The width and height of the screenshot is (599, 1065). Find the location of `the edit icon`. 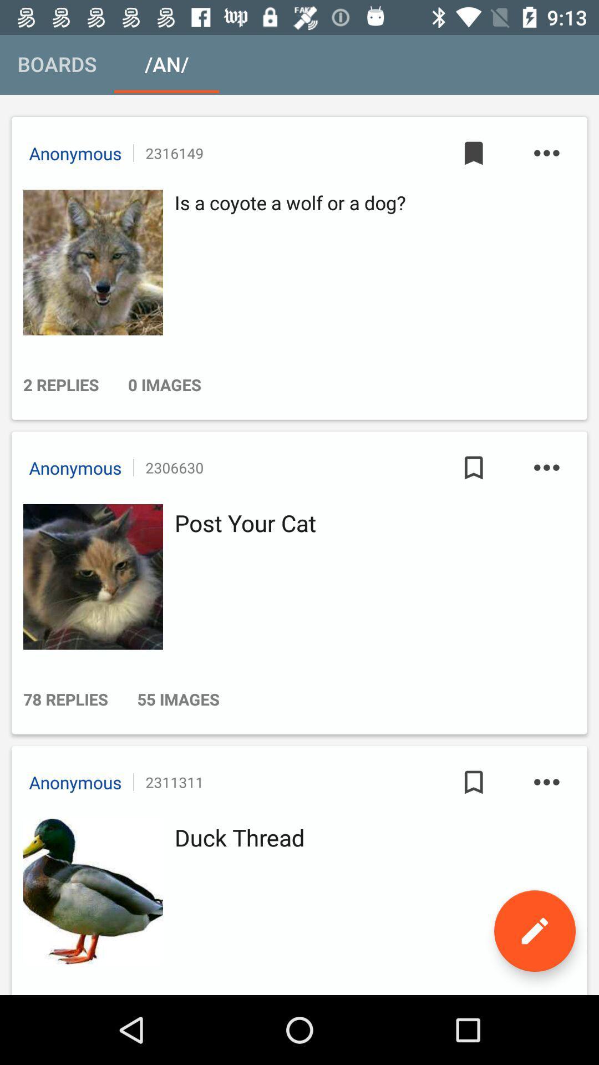

the edit icon is located at coordinates (534, 931).